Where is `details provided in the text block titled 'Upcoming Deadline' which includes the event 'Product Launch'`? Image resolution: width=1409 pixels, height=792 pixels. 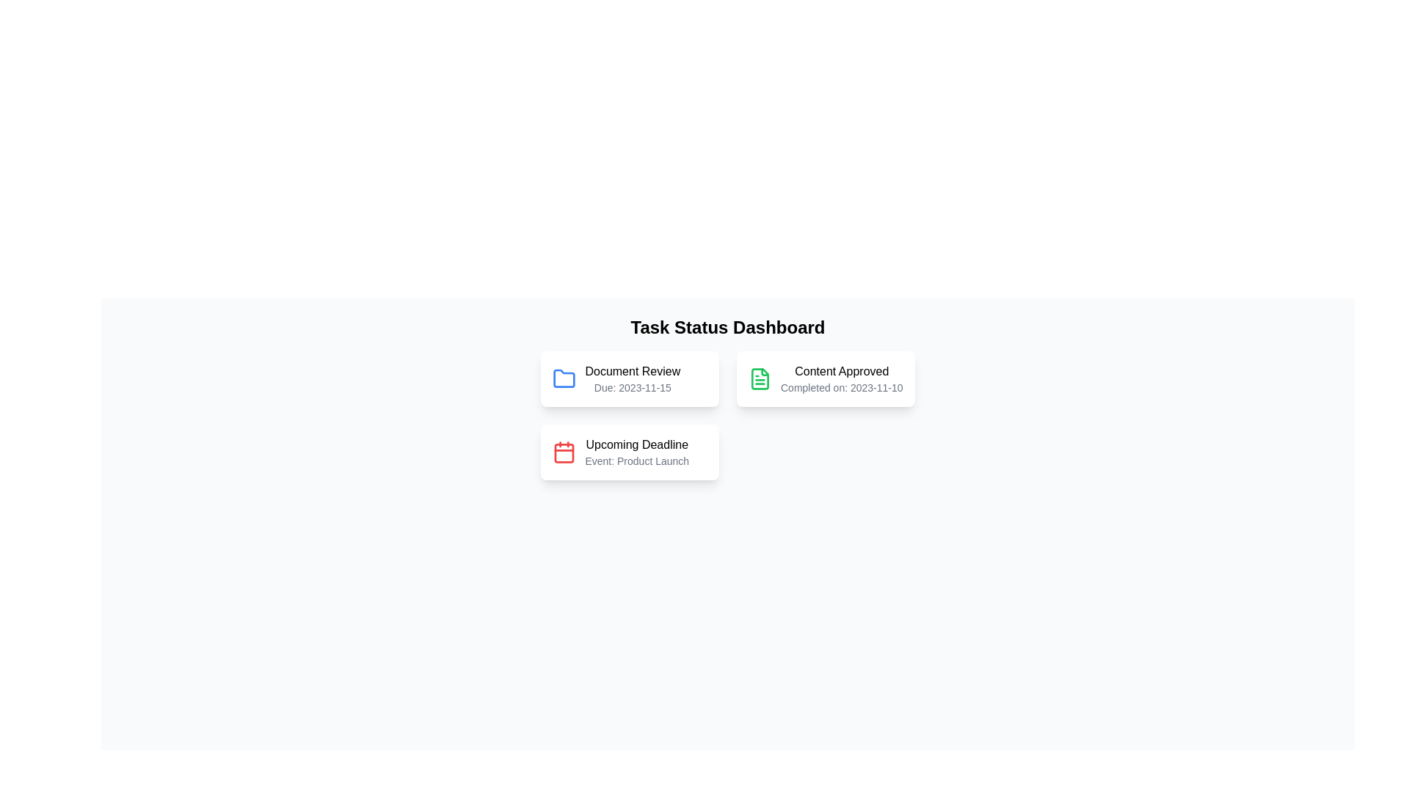 details provided in the text block titled 'Upcoming Deadline' which includes the event 'Product Launch' is located at coordinates (637, 452).